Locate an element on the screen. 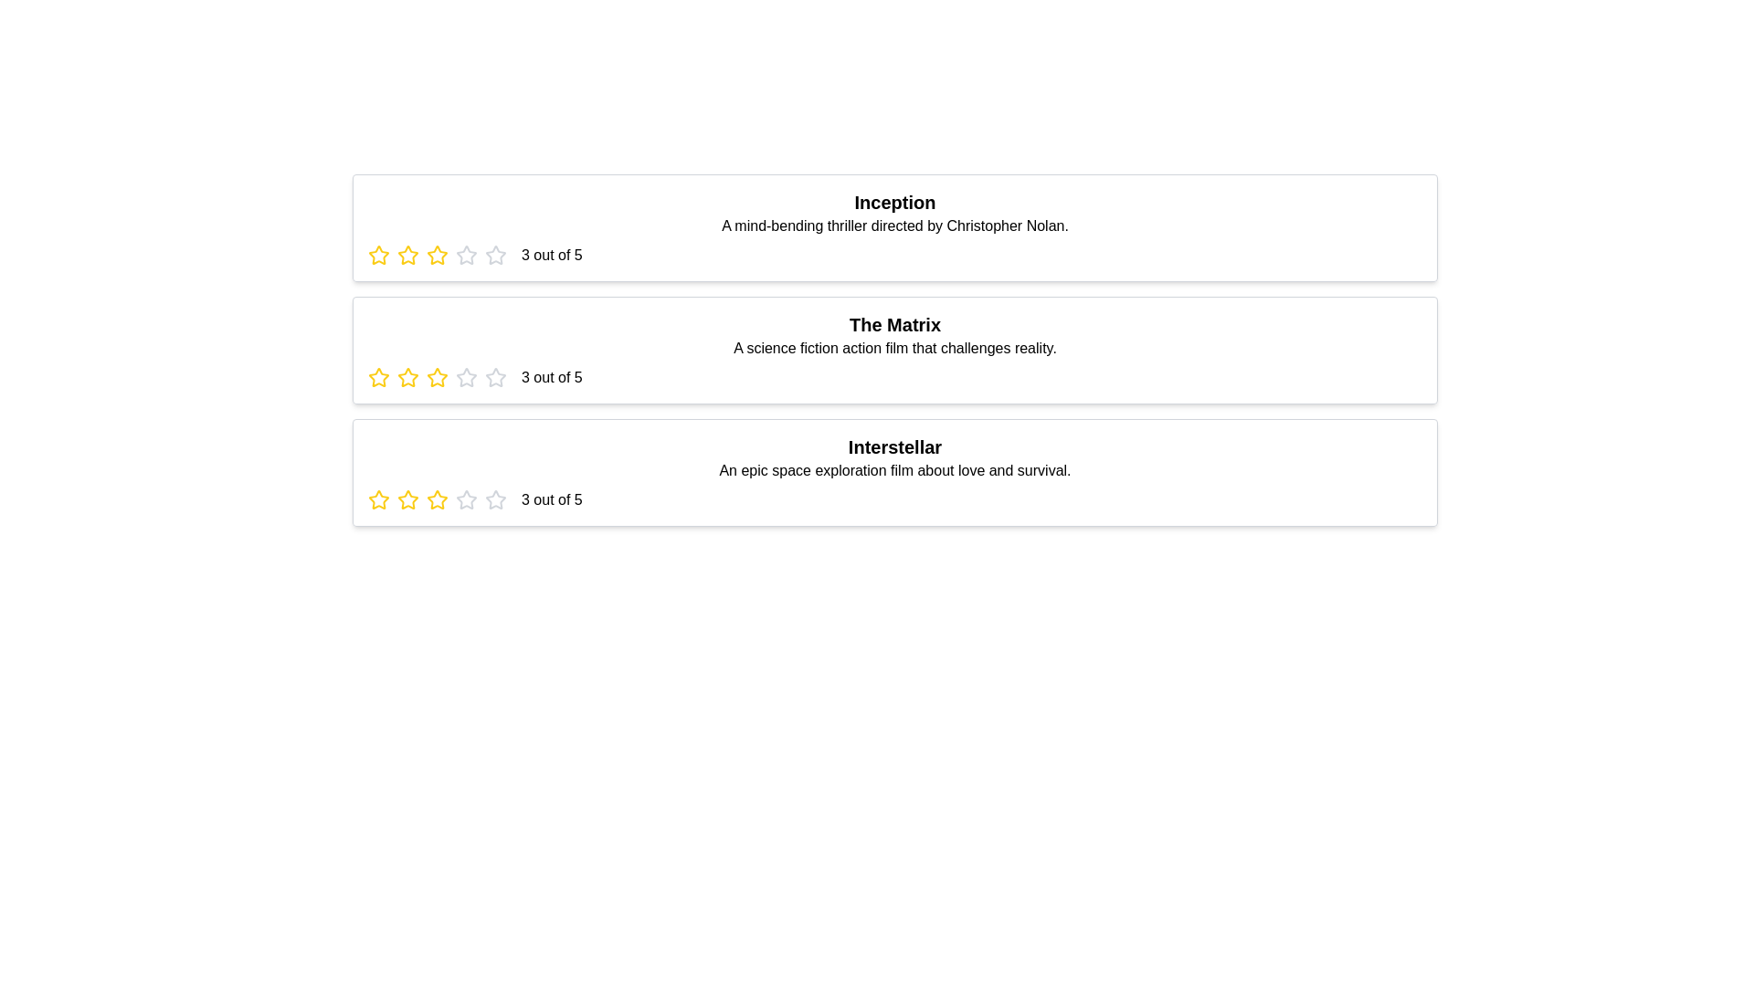 The height and width of the screenshot is (986, 1754). the star corresponding to 2 stars for the movie titled Interstellar is located at coordinates (407, 499).